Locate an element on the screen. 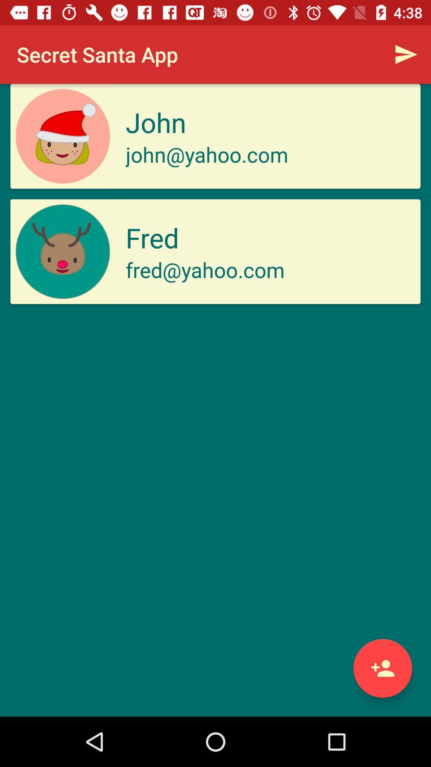  the item at the top right corner is located at coordinates (406, 54).